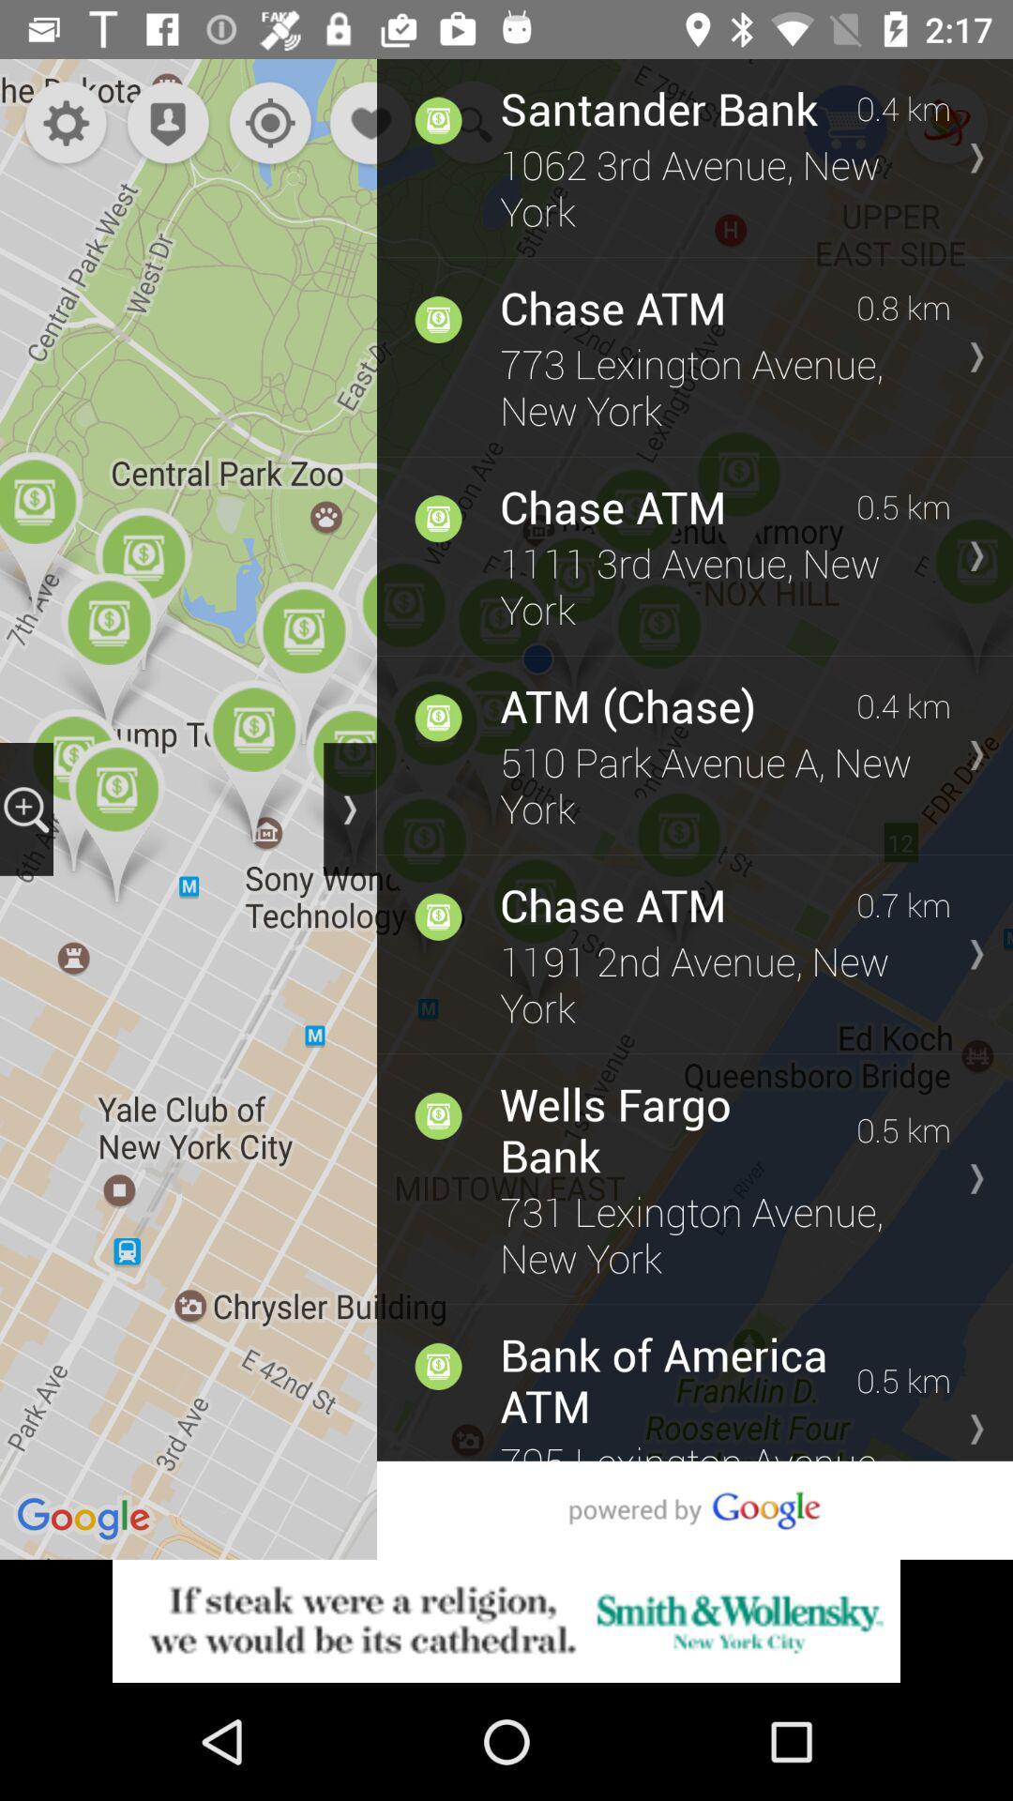 This screenshot has width=1013, height=1801. I want to click on the cart icon, so click(846, 127).